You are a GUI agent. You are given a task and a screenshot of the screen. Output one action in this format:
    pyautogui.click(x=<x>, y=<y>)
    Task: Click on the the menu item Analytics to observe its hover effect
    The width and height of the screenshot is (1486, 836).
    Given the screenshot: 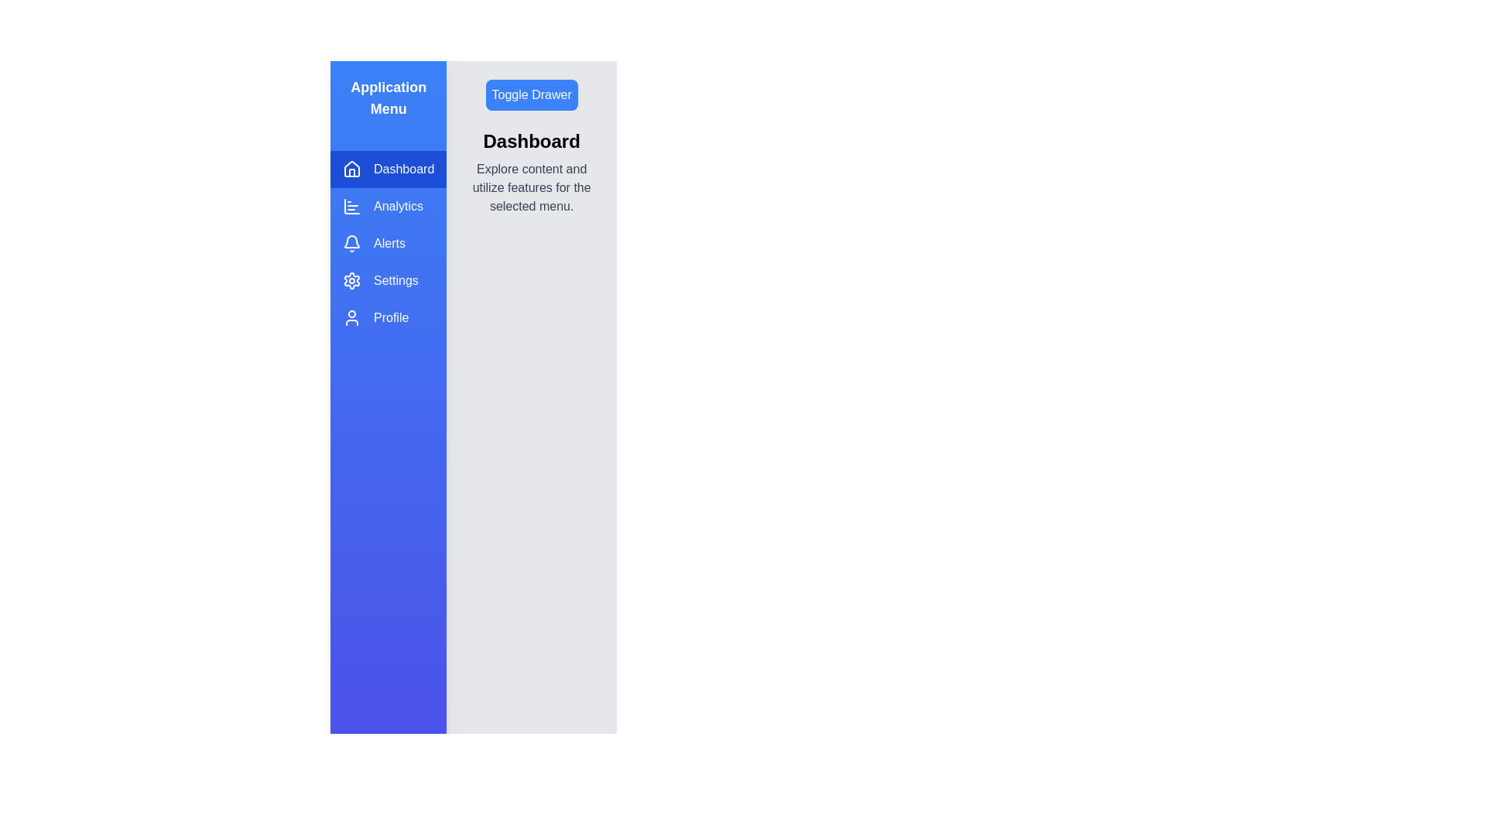 What is the action you would take?
    pyautogui.click(x=389, y=205)
    